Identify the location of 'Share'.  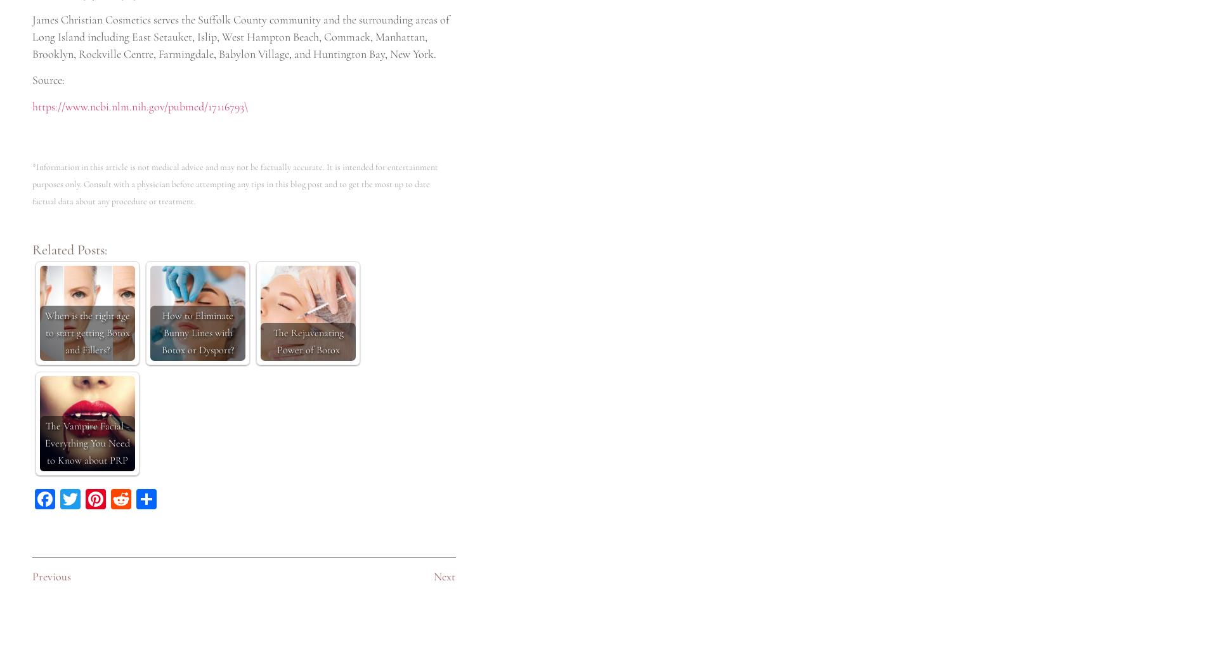
(179, 499).